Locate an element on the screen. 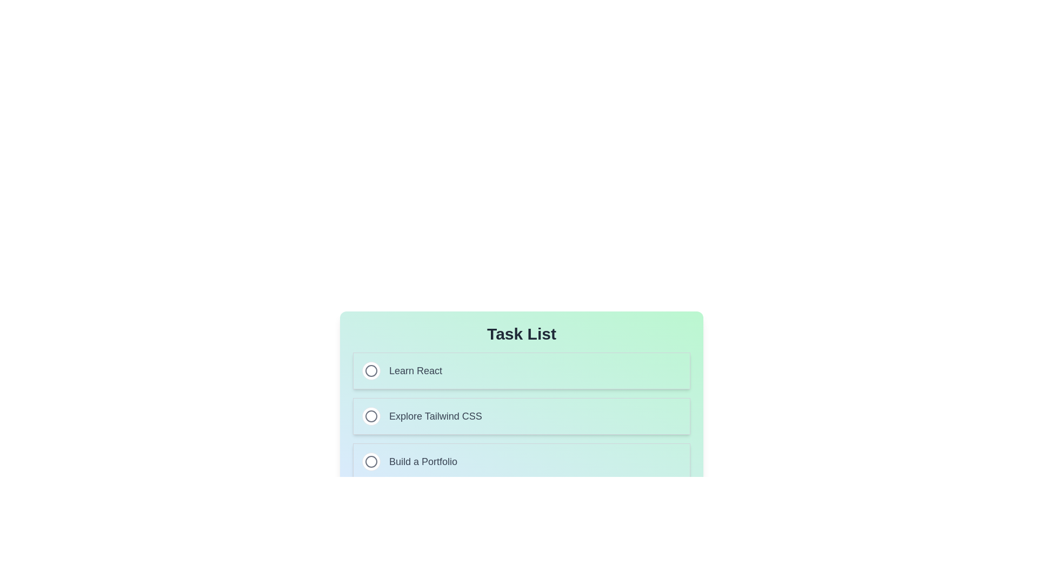 The image size is (1038, 584). the 'Task List' text element, which is a bold and large text located centrally at the top of the list layout, preceding other elements is located at coordinates (521, 333).